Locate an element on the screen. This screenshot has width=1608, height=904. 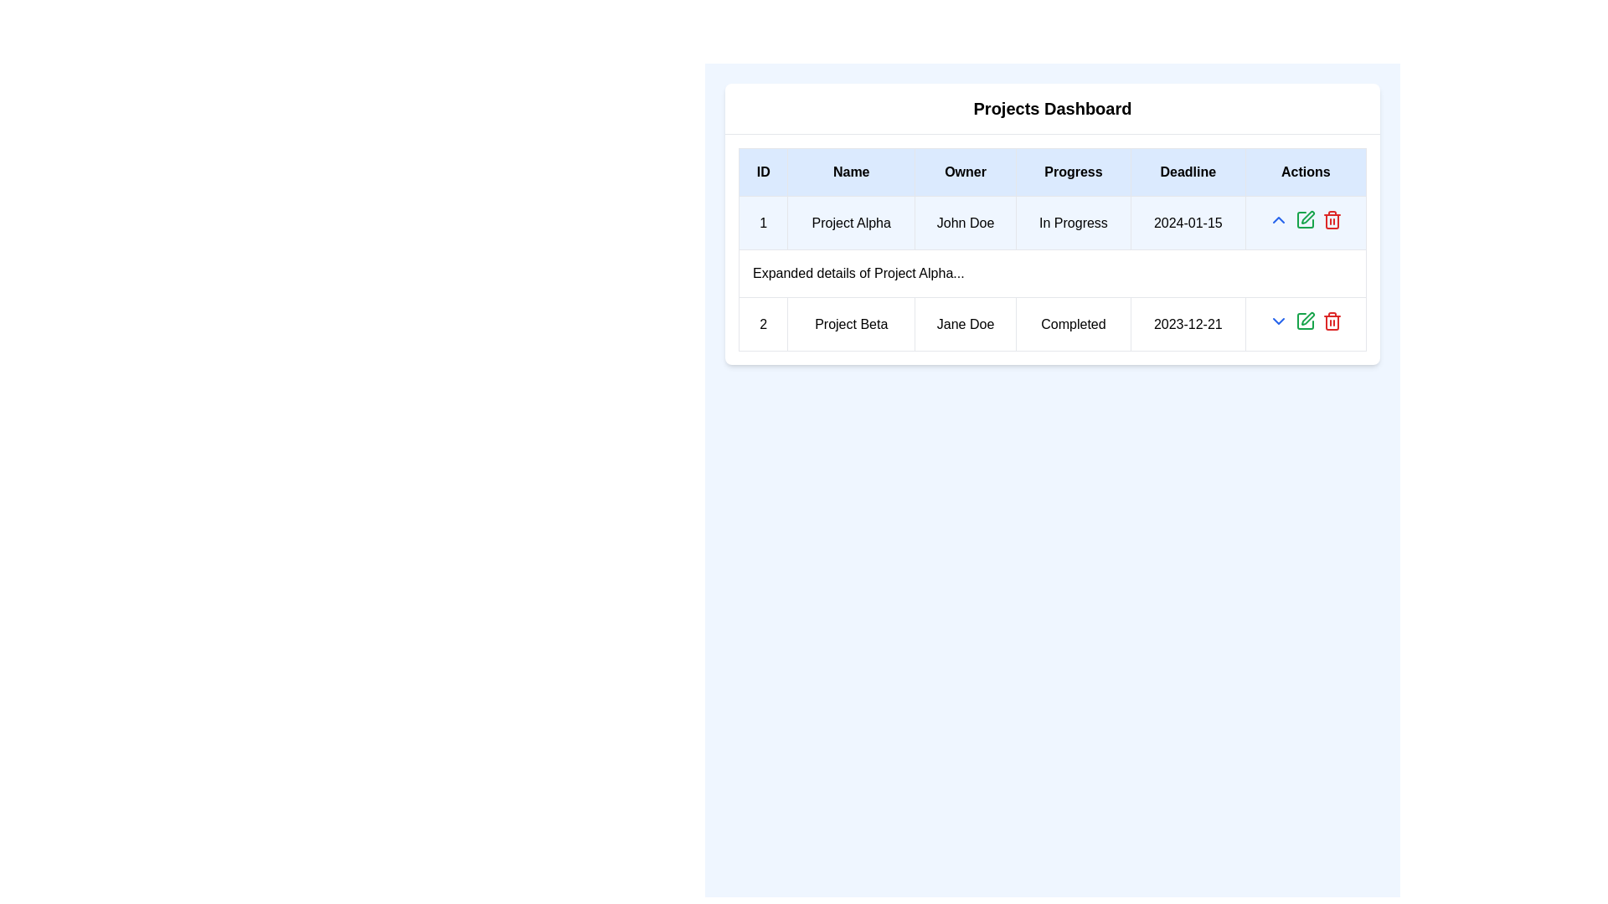
the first project entry in the 'Projects Dashboard' table row, which summarizes key details such as the project name, owner, status, and deadline is located at coordinates (1052, 222).